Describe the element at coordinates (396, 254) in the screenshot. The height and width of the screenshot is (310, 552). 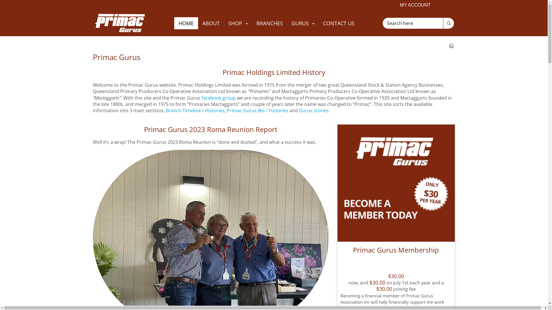
I see `'Primac Gurus Membership'` at that location.